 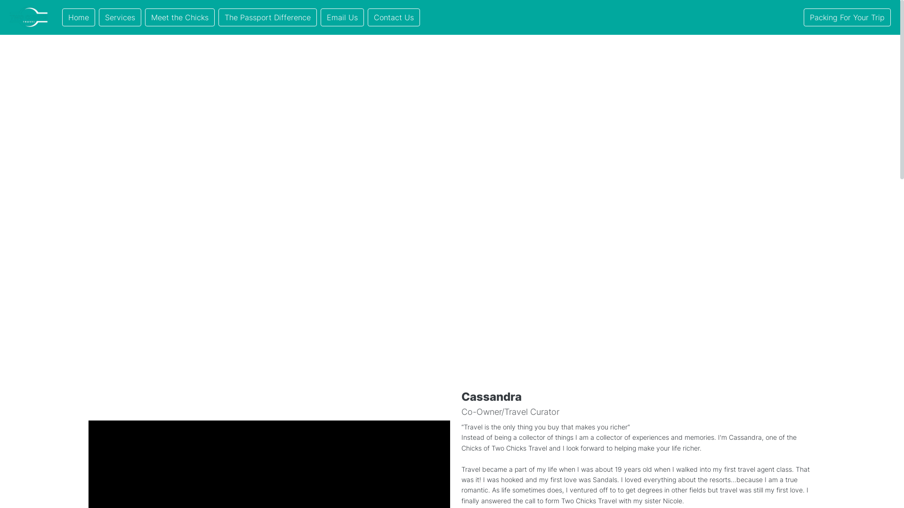 I want to click on 'Meet the Chicks', so click(x=180, y=17).